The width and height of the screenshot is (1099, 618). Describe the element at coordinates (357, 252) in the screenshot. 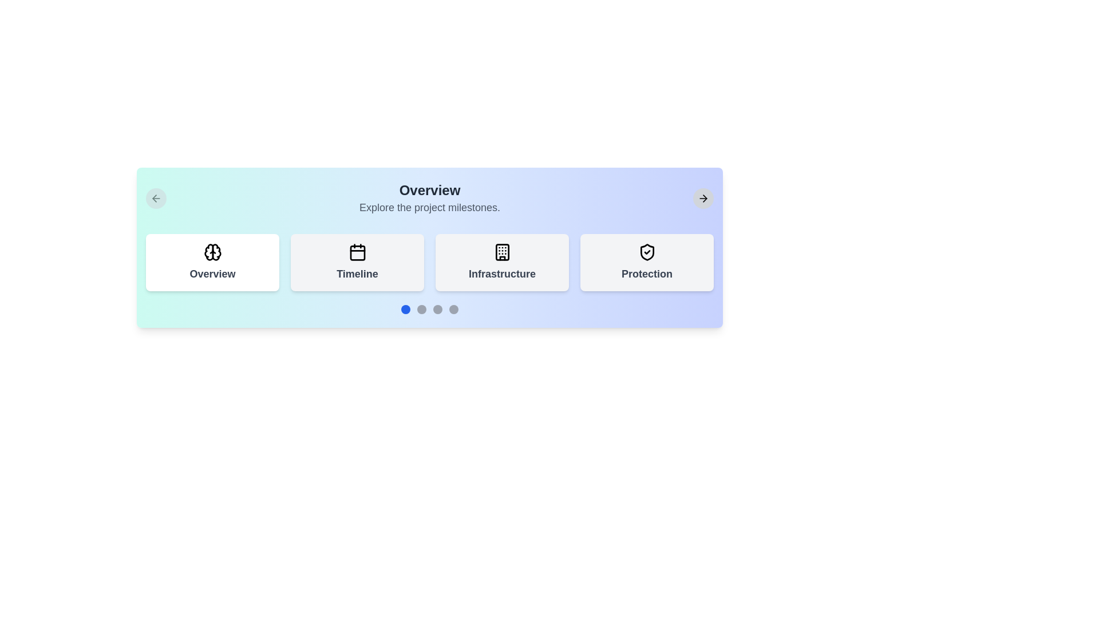

I see `the decorative graphical rectangle located in the center of the calendar-like icon within the 'Timeline' option in the navigation panel under the 'Overview' section` at that location.